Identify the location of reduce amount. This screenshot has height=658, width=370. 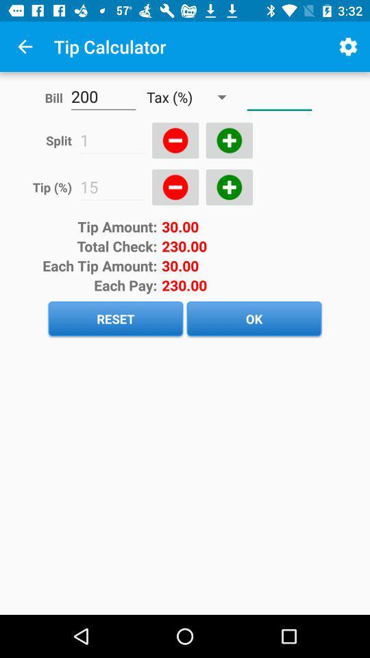
(175, 141).